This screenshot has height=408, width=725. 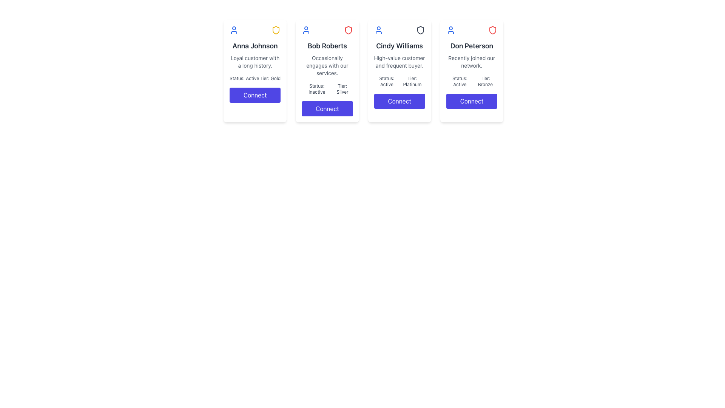 I want to click on the text display that shows the message 'Recently joined our network.' located beneath 'Don Peterson' in the middle section of the card, so click(x=471, y=62).